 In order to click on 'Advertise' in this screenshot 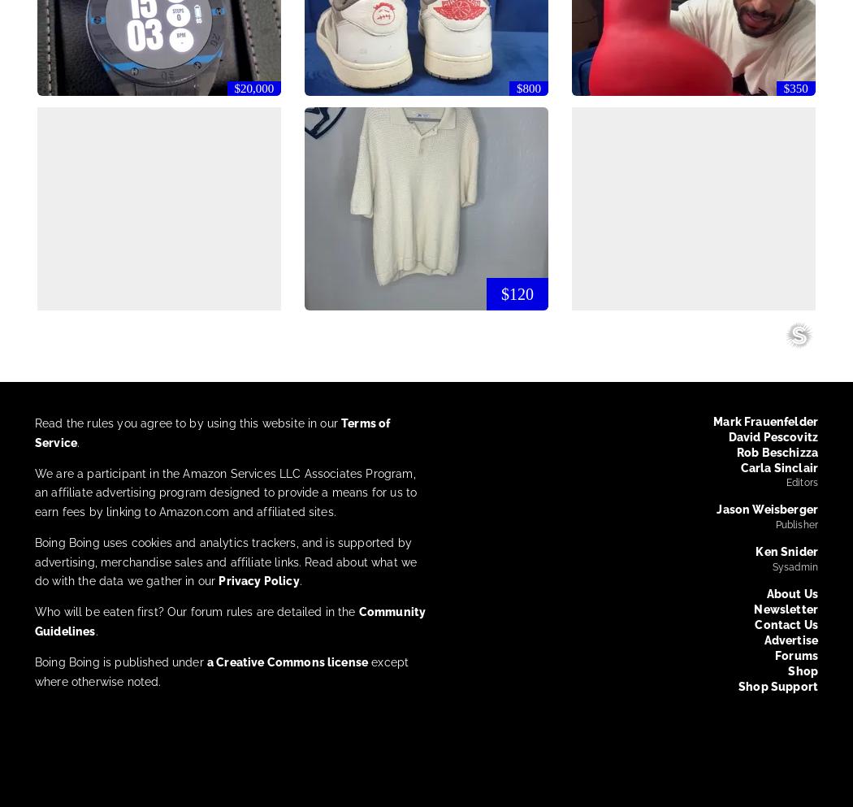, I will do `click(790, 638)`.